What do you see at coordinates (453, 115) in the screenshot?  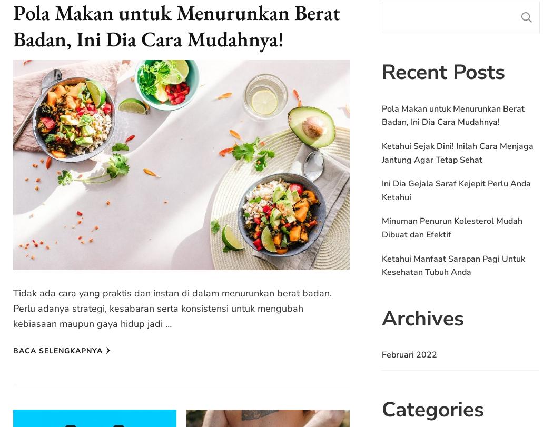 I see `'Pola Makan untuk Menurunkan Berat Badan, Ini Dia Cara Mudahnya!'` at bounding box center [453, 115].